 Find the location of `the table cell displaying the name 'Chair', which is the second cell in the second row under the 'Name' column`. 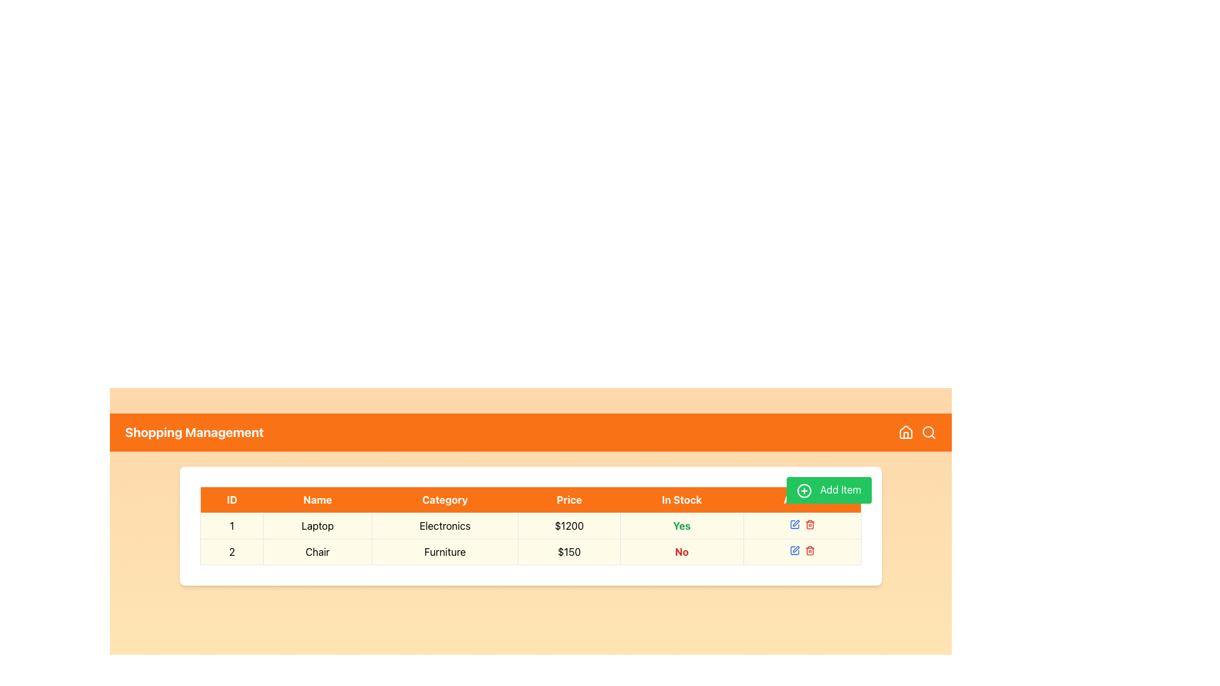

the table cell displaying the name 'Chair', which is the second cell in the second row under the 'Name' column is located at coordinates (317, 551).